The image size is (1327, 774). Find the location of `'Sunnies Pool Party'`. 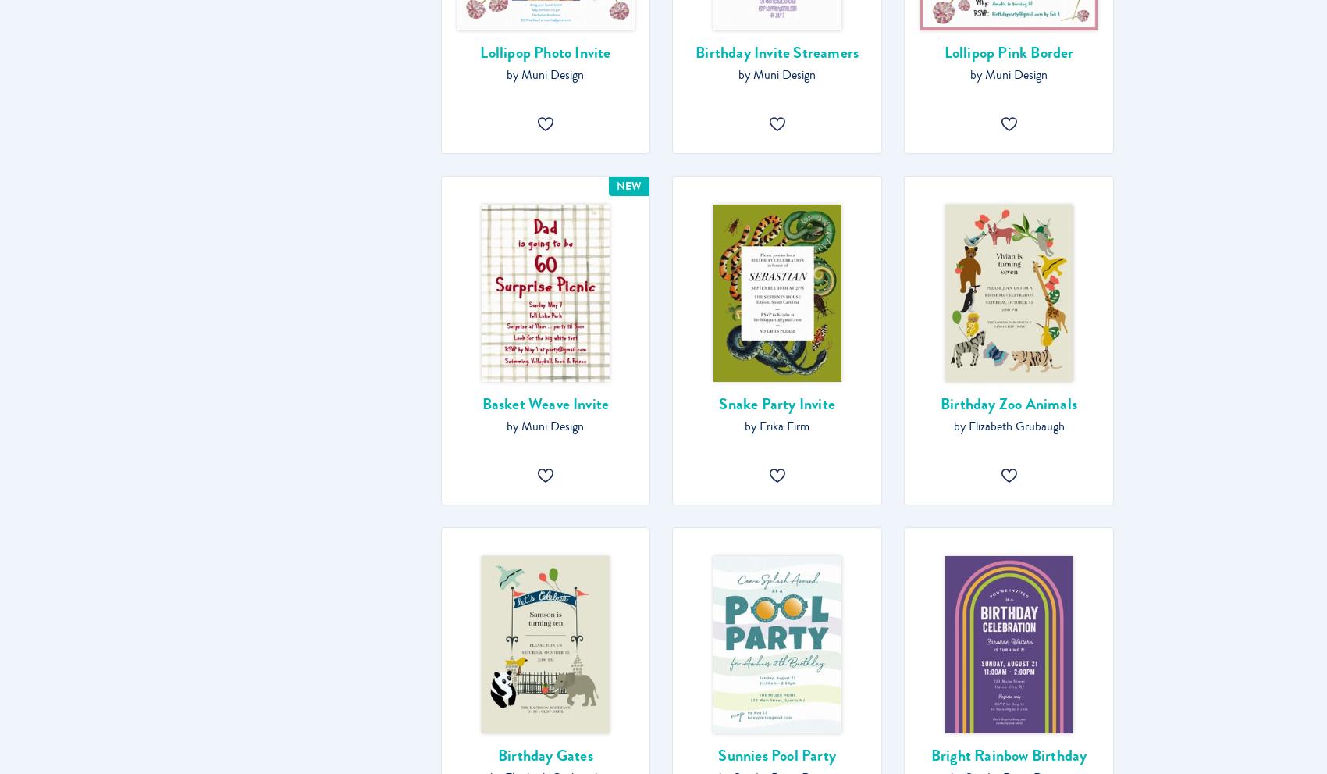

'Sunnies Pool Party' is located at coordinates (776, 755).